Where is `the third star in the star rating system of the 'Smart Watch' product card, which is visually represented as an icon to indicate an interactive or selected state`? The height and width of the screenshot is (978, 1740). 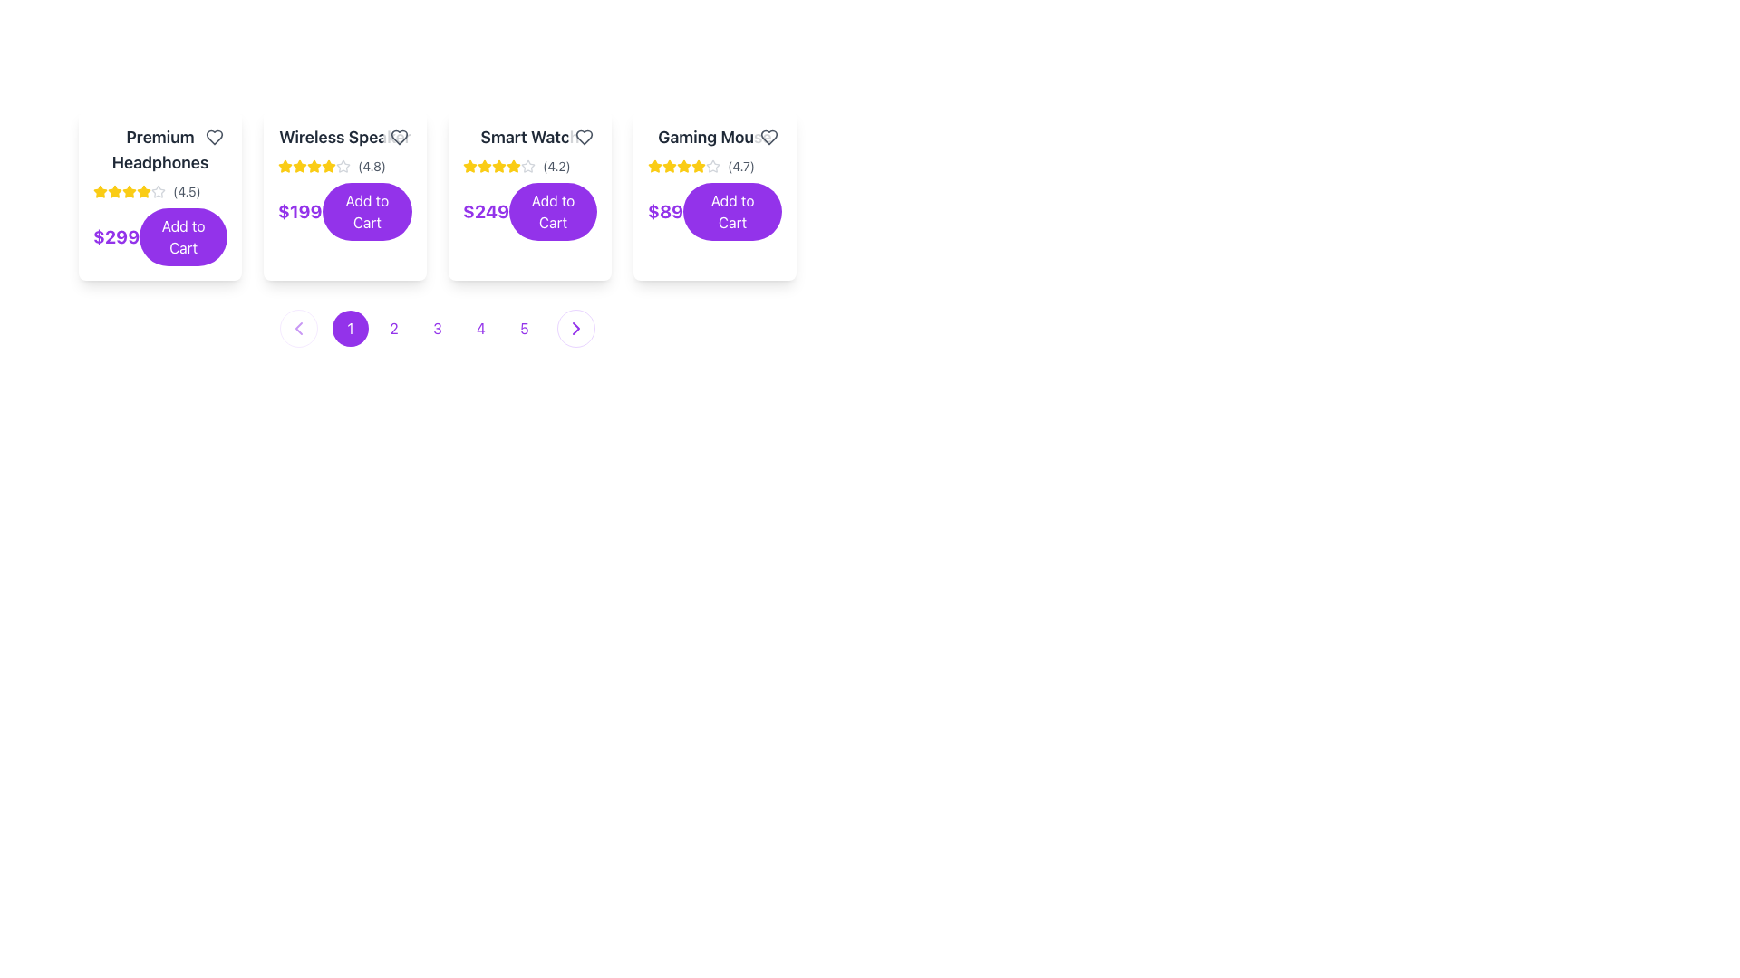 the third star in the star rating system of the 'Smart Watch' product card, which is visually represented as an icon to indicate an interactive or selected state is located at coordinates (512, 166).